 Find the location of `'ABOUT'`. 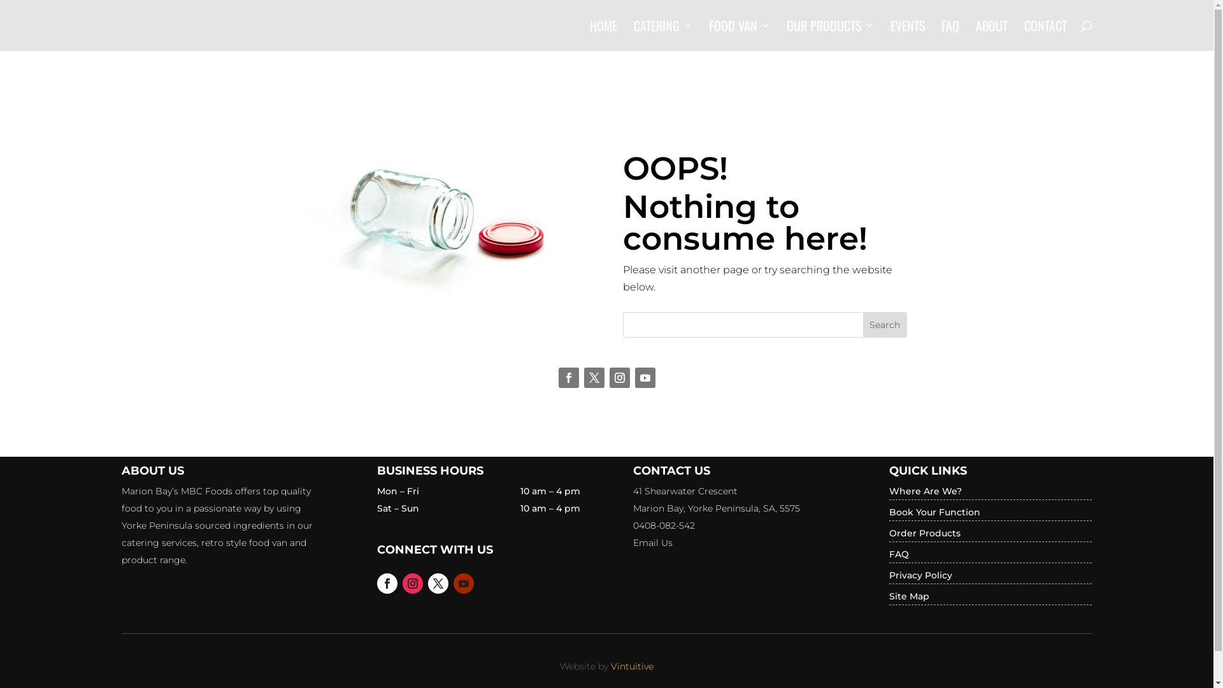

'ABOUT' is located at coordinates (991, 35).